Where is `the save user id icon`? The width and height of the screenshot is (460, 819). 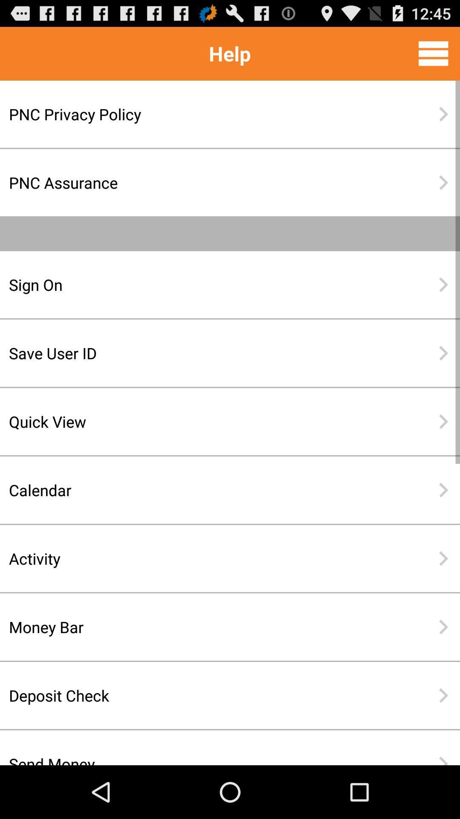
the save user id icon is located at coordinates (202, 353).